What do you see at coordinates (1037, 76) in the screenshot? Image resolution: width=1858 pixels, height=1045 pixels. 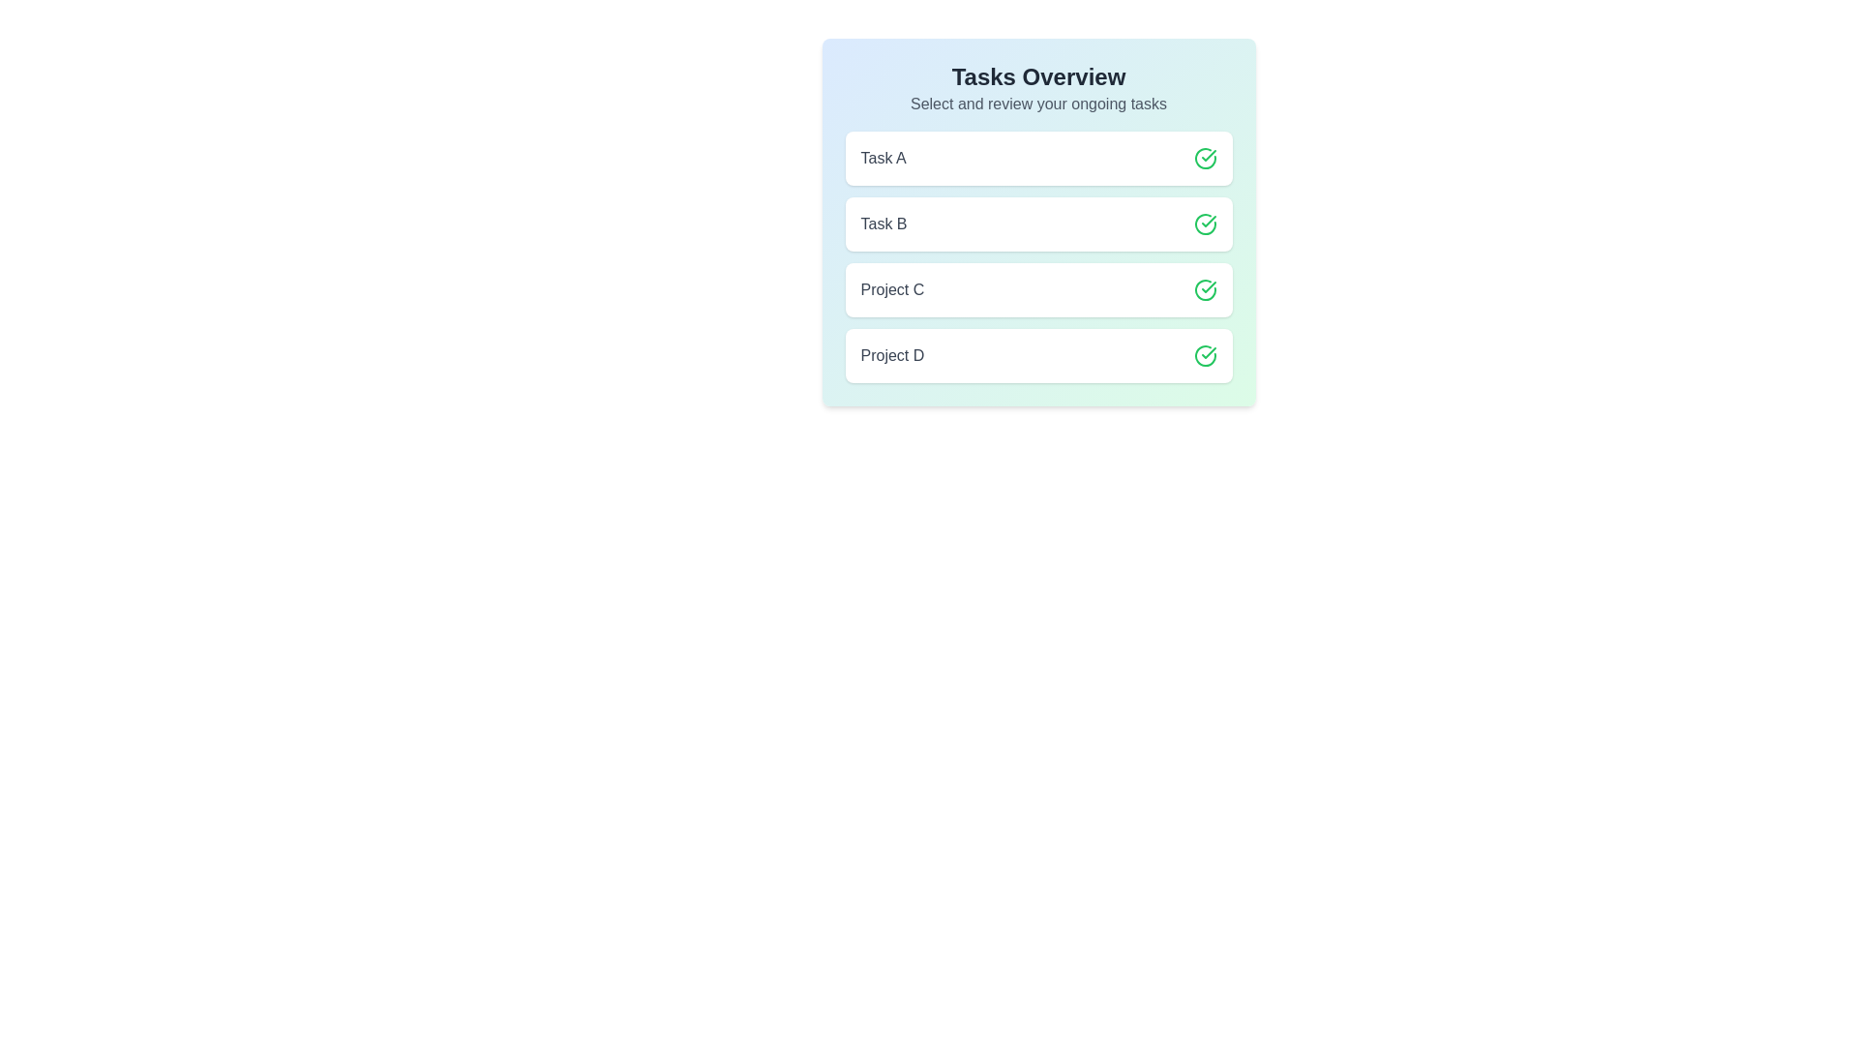 I see `the text area: header` at bounding box center [1037, 76].